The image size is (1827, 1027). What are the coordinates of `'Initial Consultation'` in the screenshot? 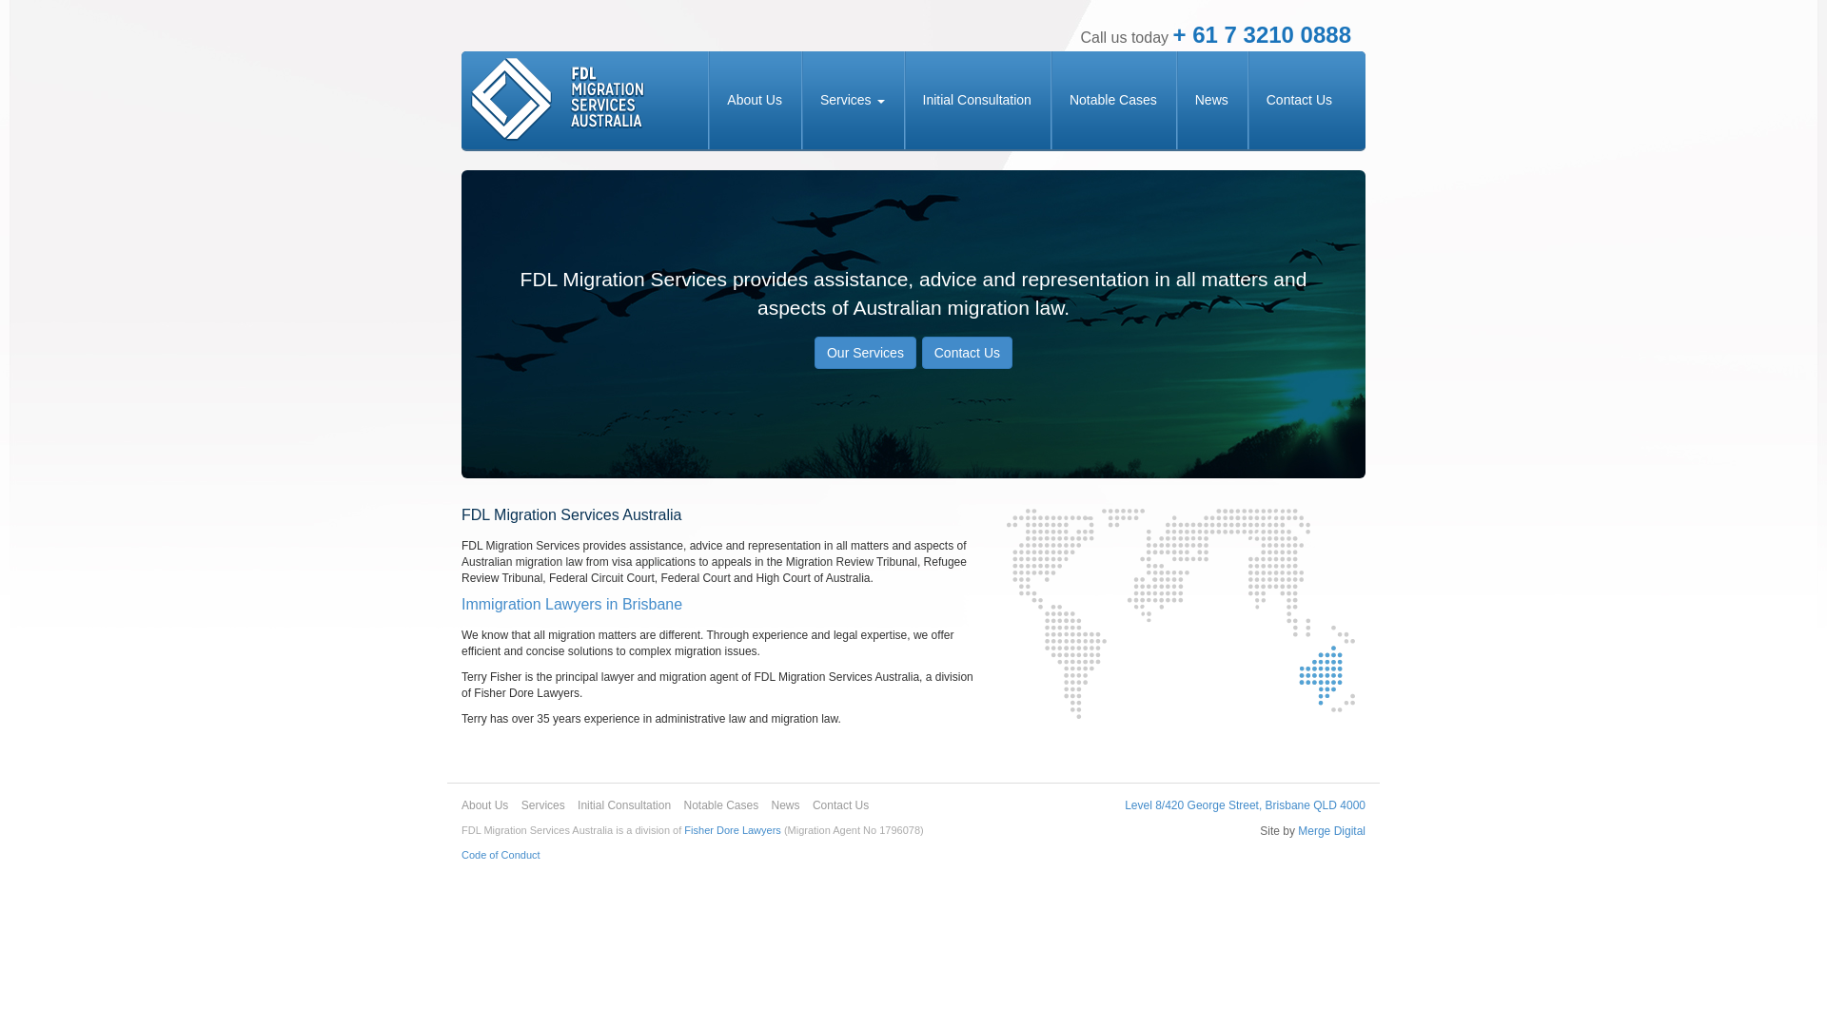 It's located at (903, 100).